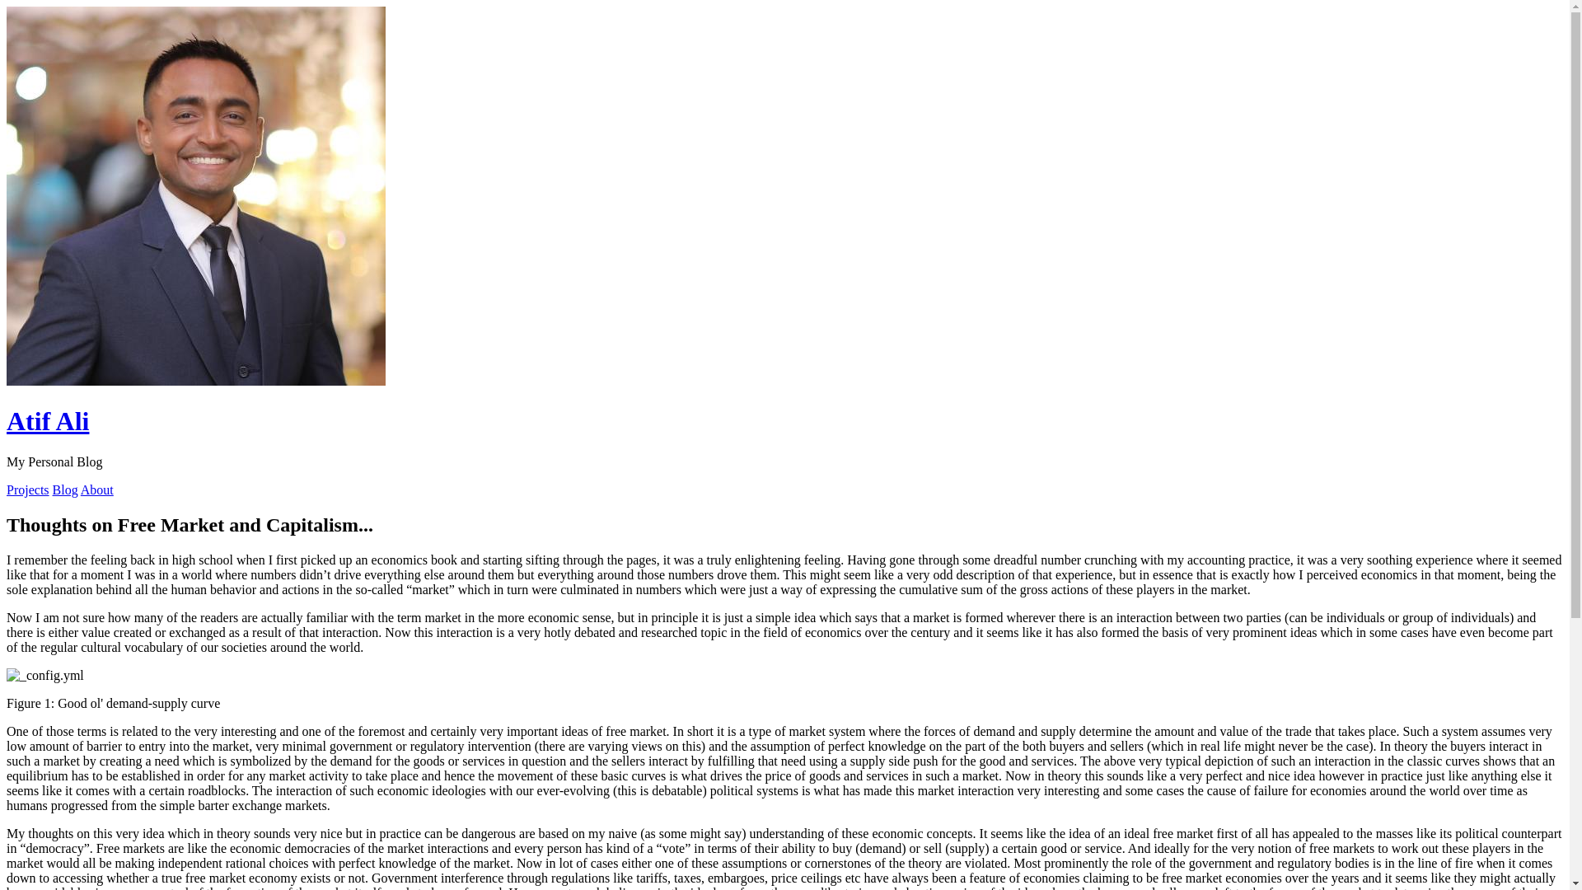 This screenshot has height=890, width=1582. Describe the element at coordinates (44, 676) in the screenshot. I see `'Figure 1: '` at that location.